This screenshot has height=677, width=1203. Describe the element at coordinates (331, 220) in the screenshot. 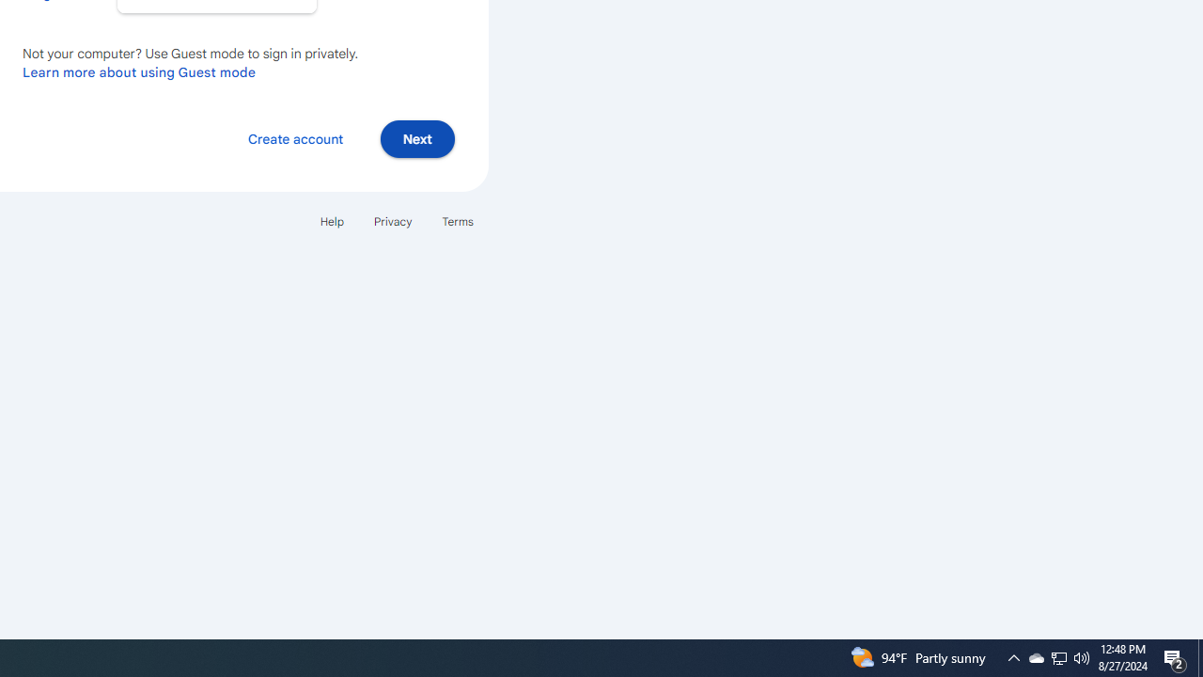

I see `'Help'` at that location.